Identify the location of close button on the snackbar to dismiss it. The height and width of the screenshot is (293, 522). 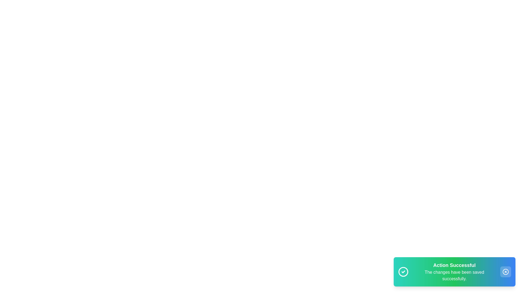
(505, 272).